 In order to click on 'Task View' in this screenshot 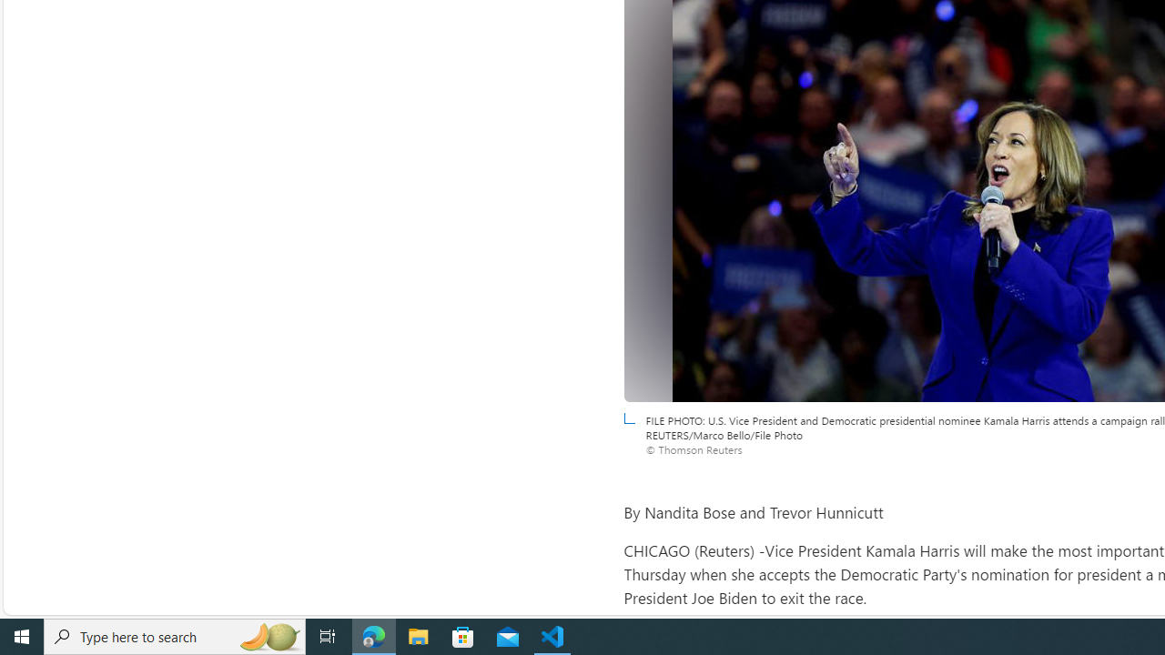, I will do `click(327, 635)`.